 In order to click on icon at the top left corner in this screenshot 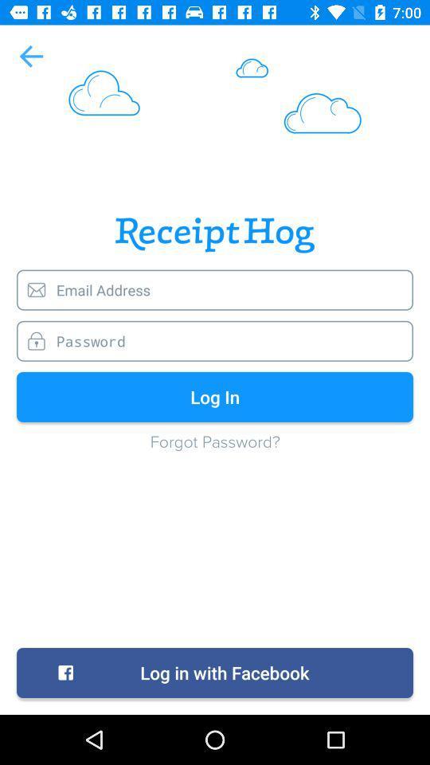, I will do `click(31, 56)`.